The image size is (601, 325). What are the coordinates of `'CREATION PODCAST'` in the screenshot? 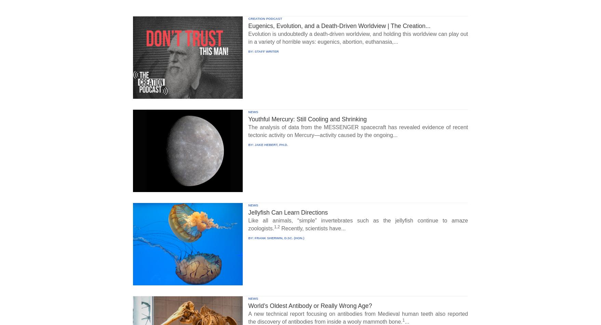 It's located at (265, 18).